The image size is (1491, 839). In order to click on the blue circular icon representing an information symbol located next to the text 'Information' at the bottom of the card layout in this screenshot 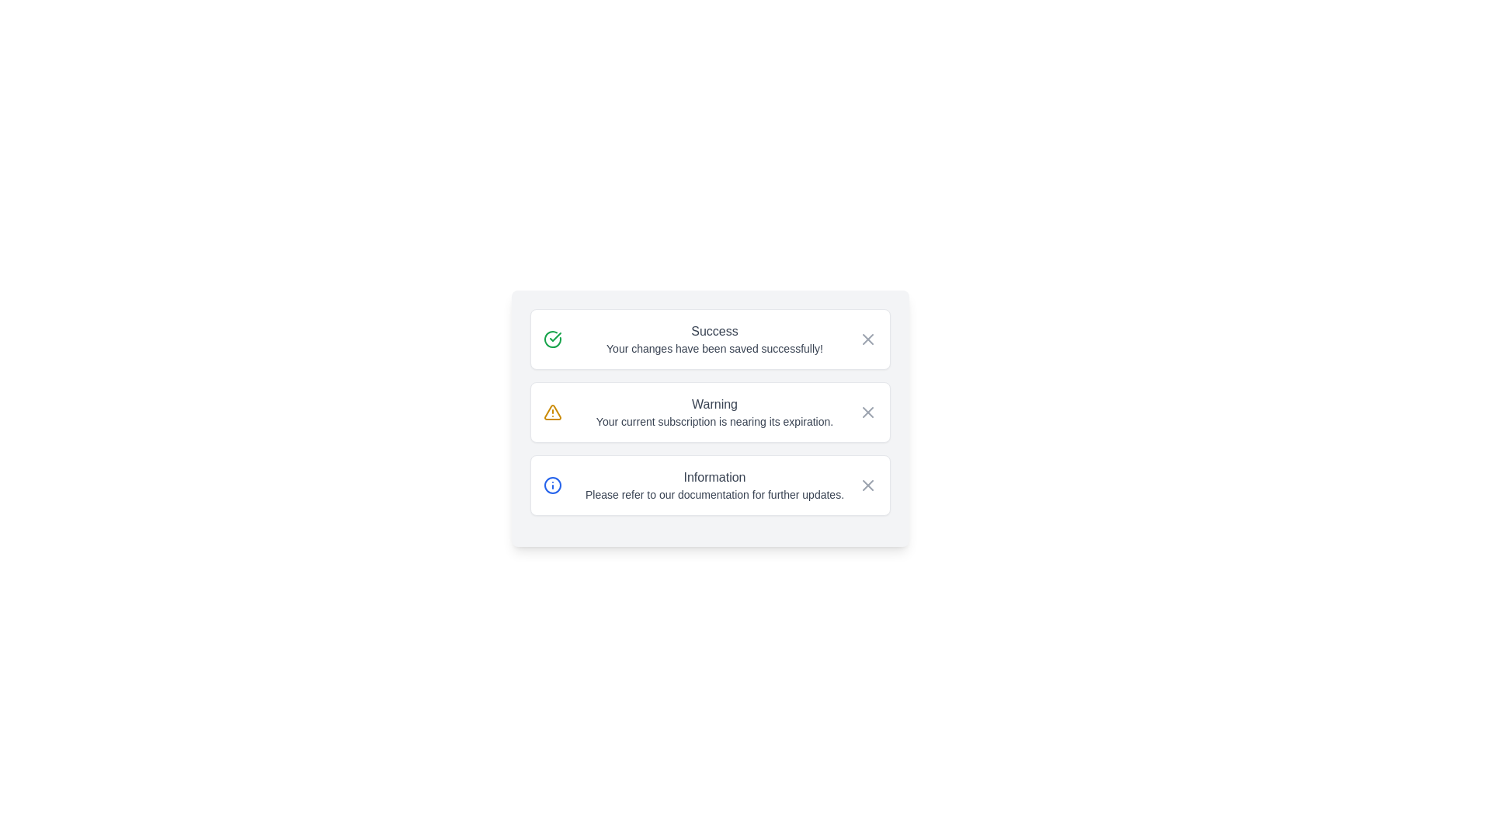, I will do `click(552, 484)`.